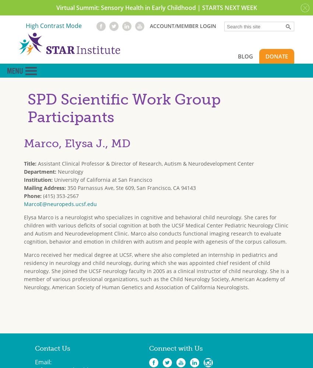 The width and height of the screenshot is (313, 368). Describe the element at coordinates (124, 108) in the screenshot. I see `'SPD Scientific Work Group Participants'` at that location.